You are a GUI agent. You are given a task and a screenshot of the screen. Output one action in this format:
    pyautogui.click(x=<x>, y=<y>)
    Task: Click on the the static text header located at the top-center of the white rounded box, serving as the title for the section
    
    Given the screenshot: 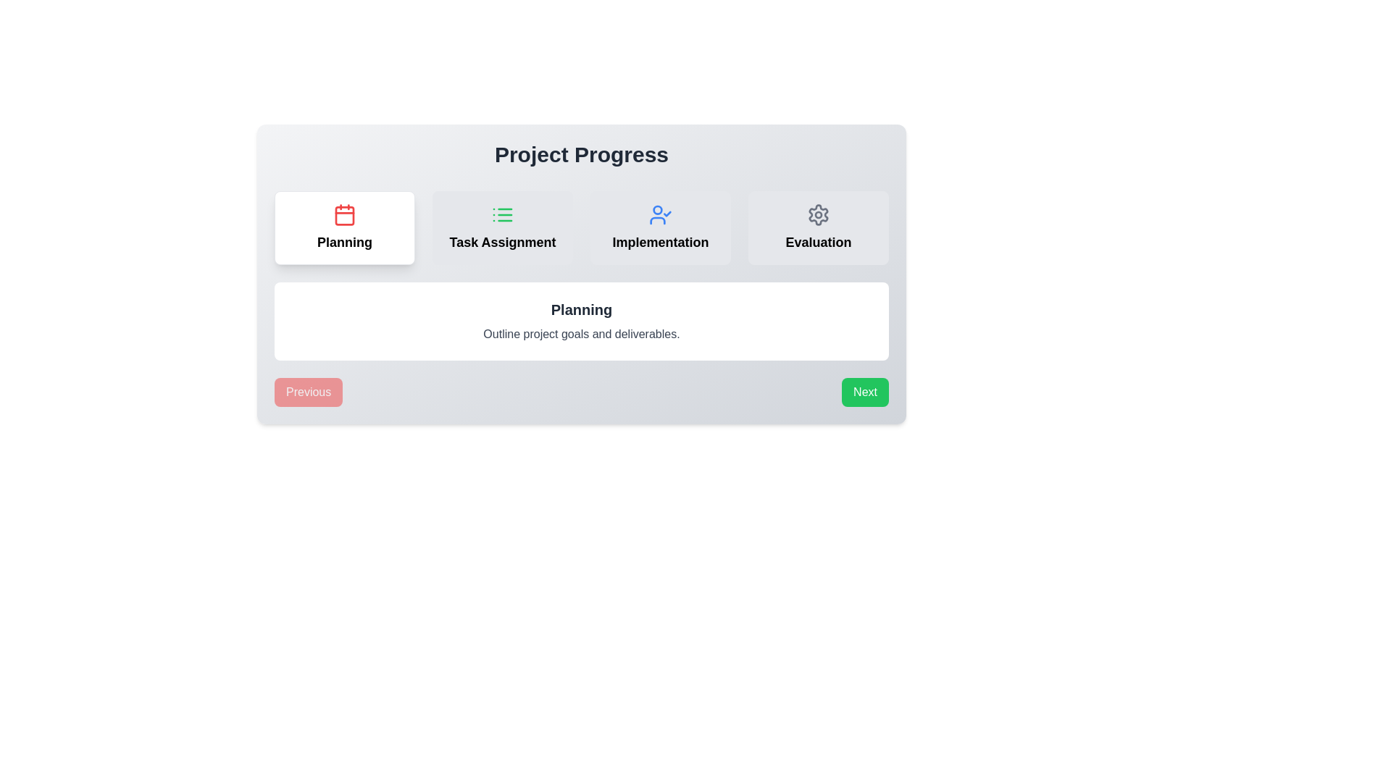 What is the action you would take?
    pyautogui.click(x=581, y=309)
    